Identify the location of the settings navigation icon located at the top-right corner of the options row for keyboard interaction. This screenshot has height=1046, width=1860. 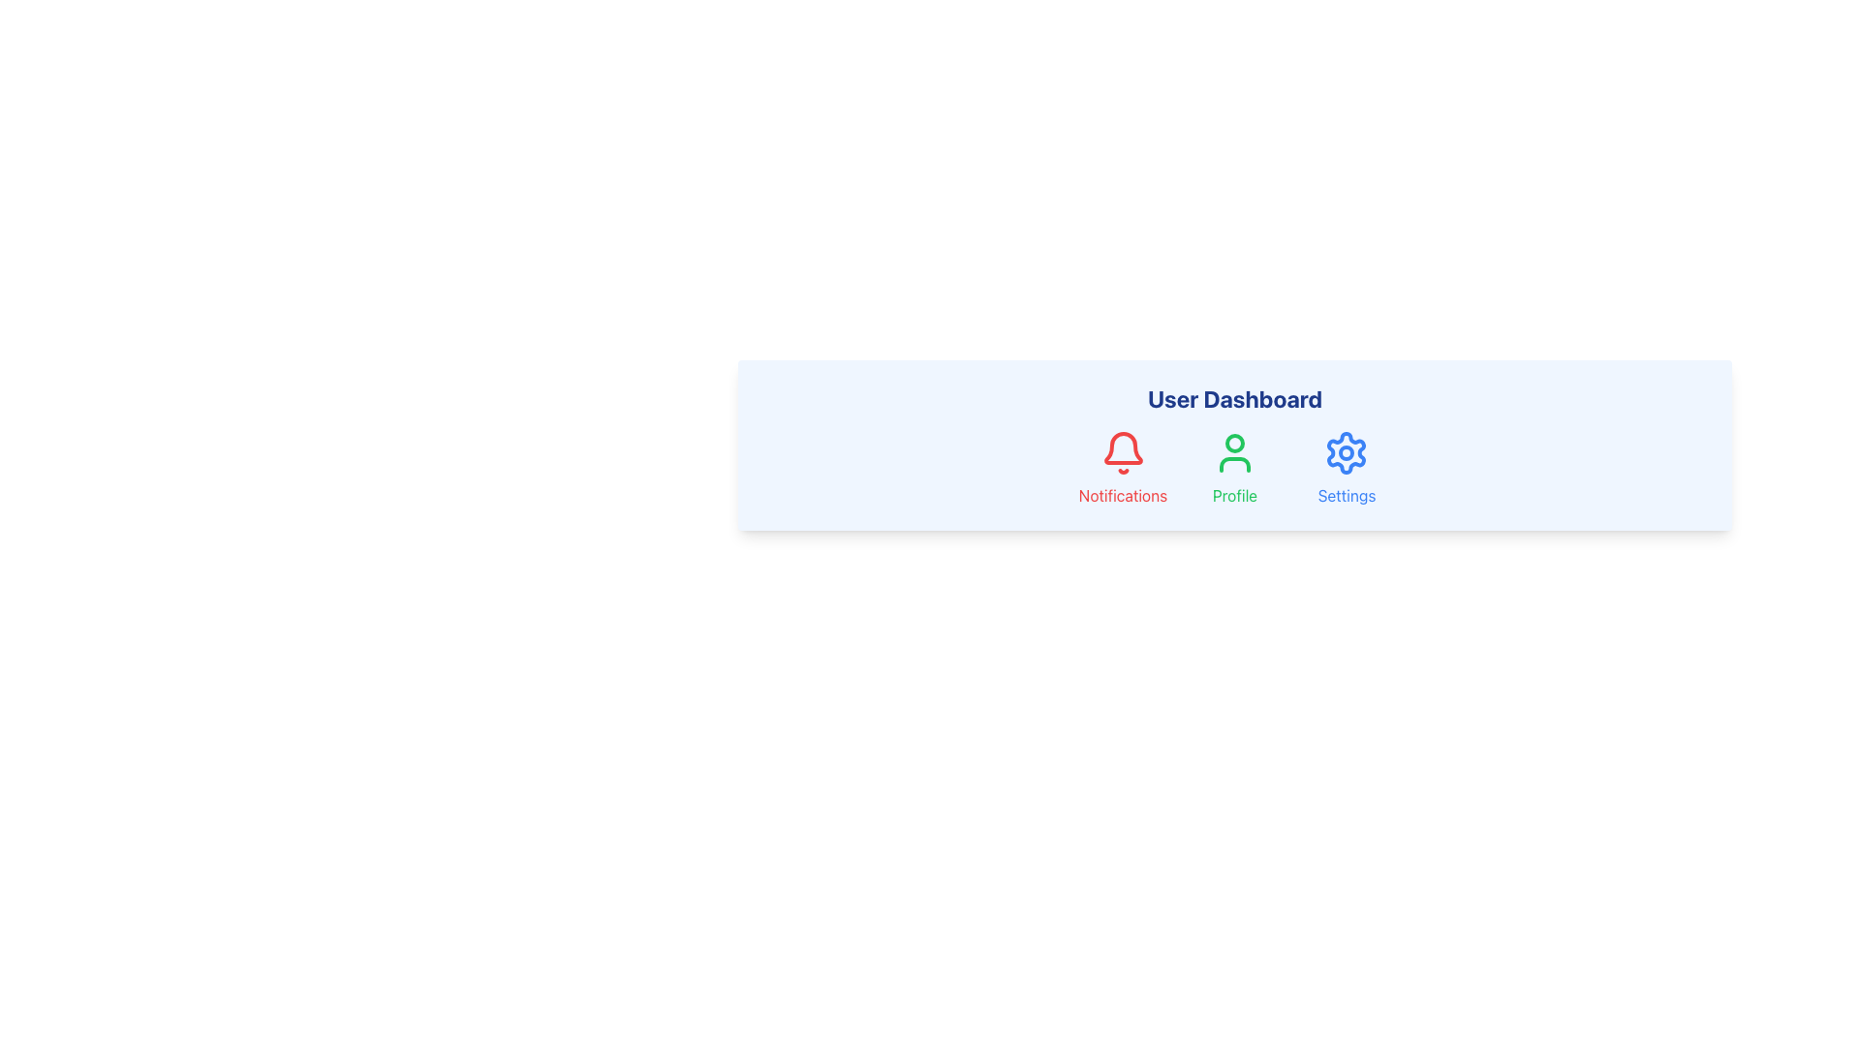
(1346, 468).